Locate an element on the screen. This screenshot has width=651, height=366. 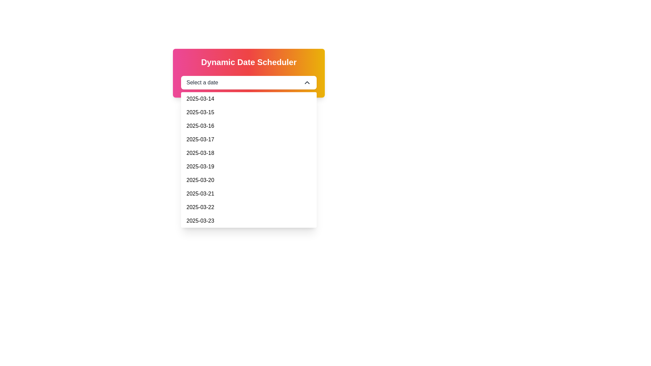
the list item representing the date '2025-03-20' in the dropdown menu is located at coordinates (249, 180).